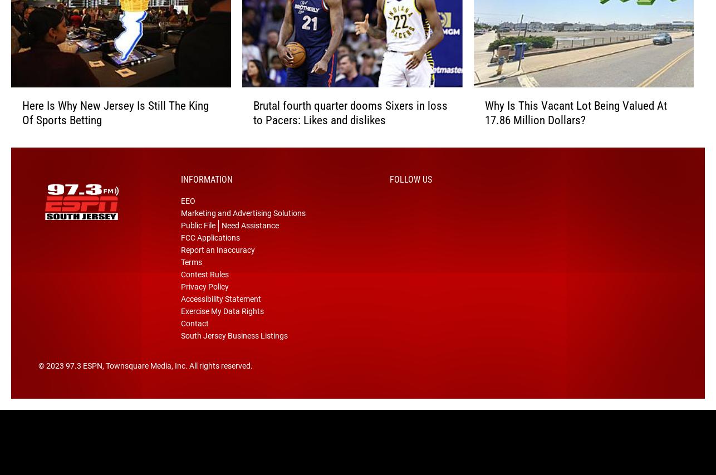  What do you see at coordinates (411, 196) in the screenshot?
I see `'Follow Us'` at bounding box center [411, 196].